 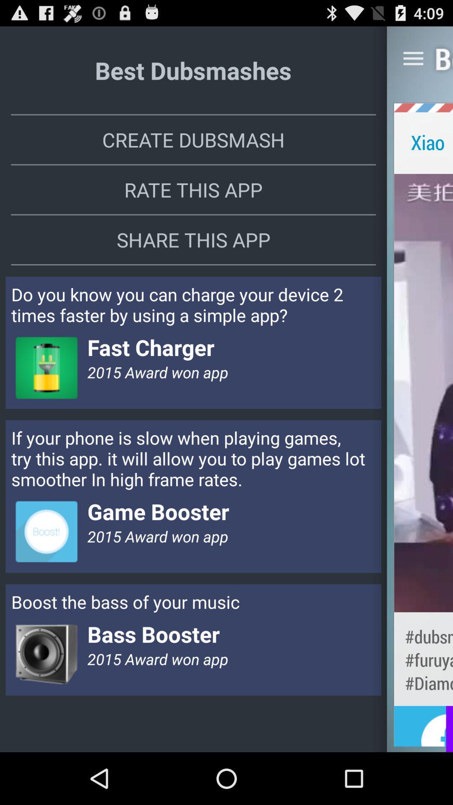 I want to click on the app next to create dubsmash item, so click(x=423, y=142).